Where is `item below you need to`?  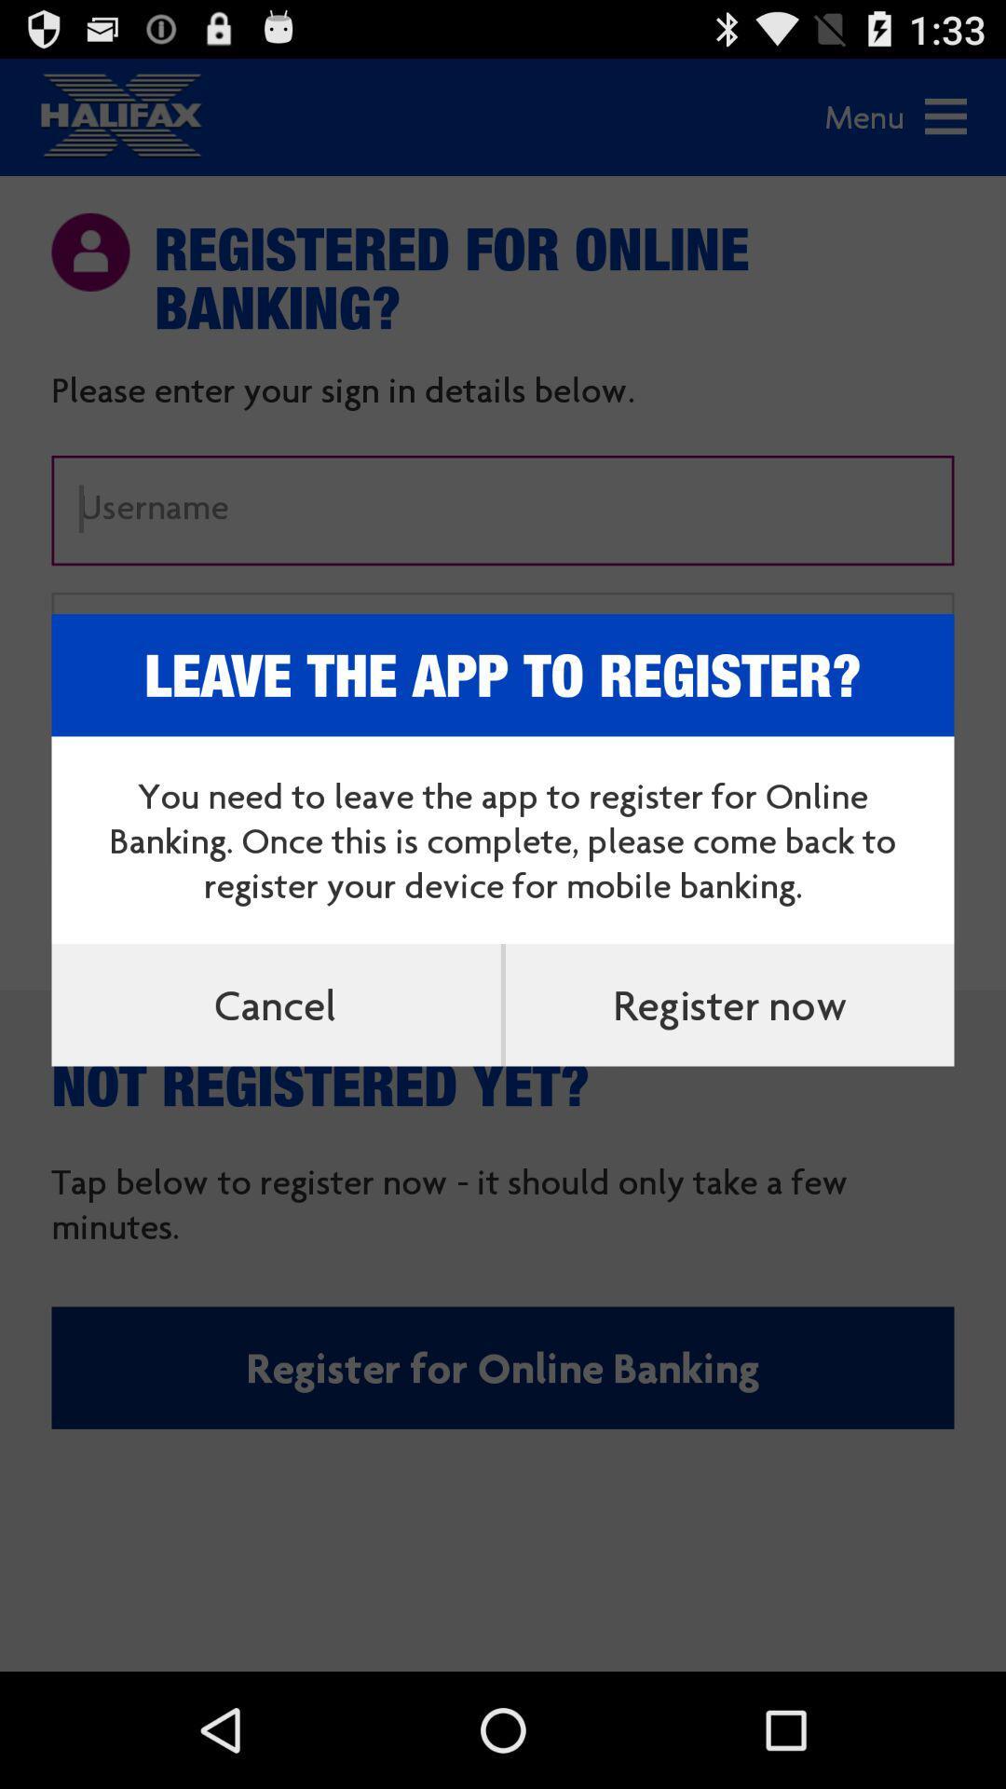 item below you need to is located at coordinates (728, 1004).